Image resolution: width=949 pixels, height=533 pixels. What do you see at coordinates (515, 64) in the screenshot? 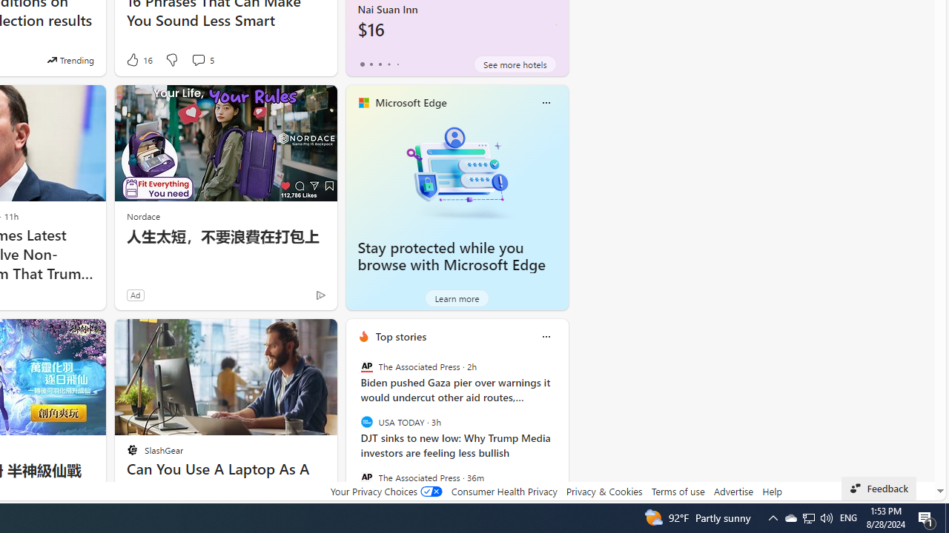
I see `'See more hotels'` at bounding box center [515, 64].